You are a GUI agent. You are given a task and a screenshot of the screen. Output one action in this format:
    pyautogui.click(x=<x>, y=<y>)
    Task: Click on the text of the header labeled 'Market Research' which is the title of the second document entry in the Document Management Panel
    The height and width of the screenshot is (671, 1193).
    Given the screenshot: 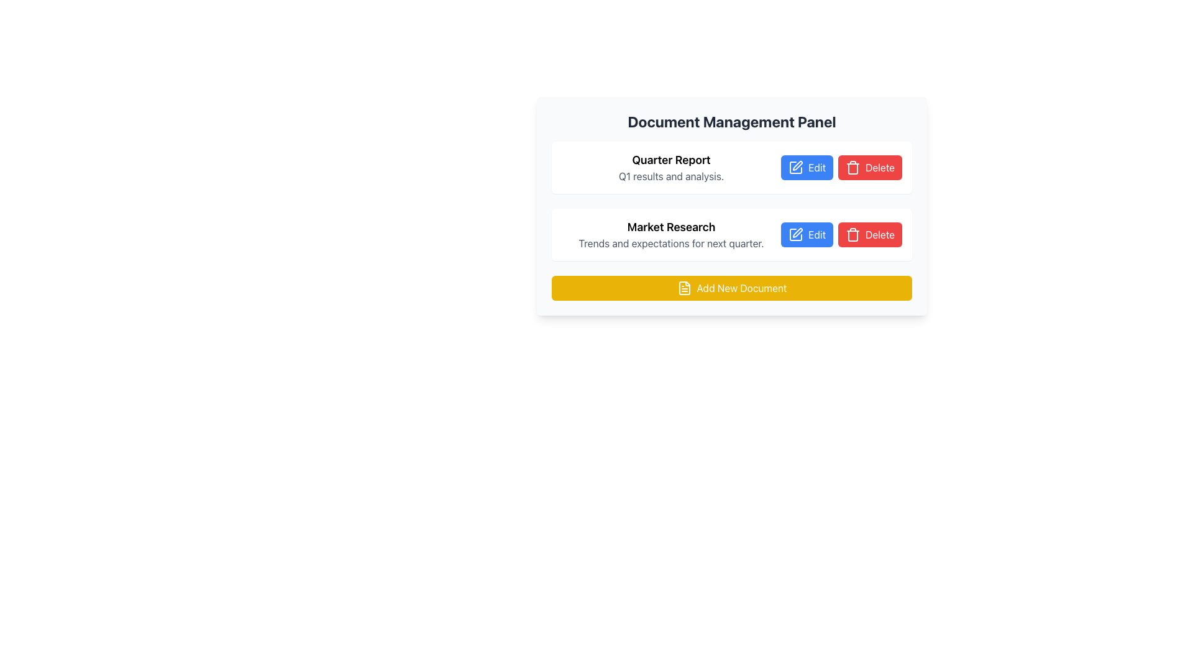 What is the action you would take?
    pyautogui.click(x=670, y=227)
    